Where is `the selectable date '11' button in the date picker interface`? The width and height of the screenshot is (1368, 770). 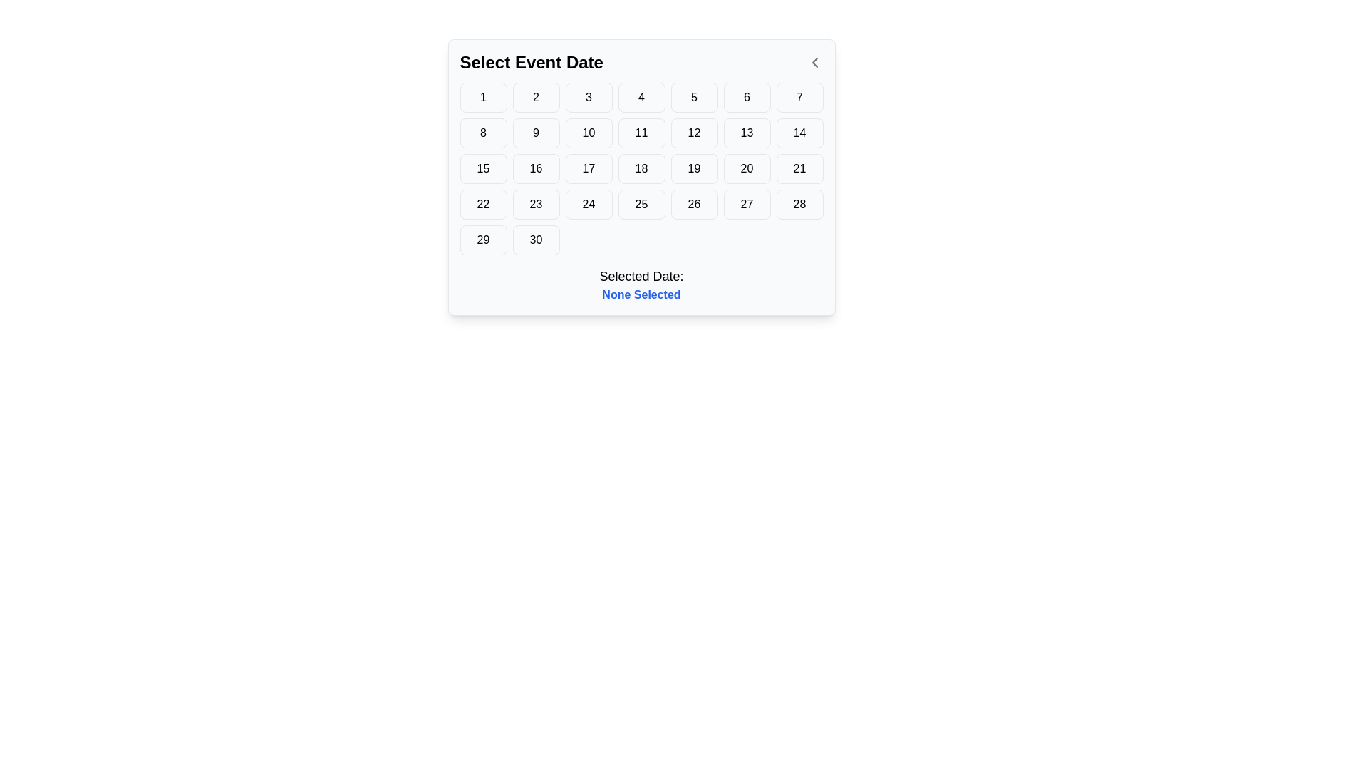
the selectable date '11' button in the date picker interface is located at coordinates (641, 133).